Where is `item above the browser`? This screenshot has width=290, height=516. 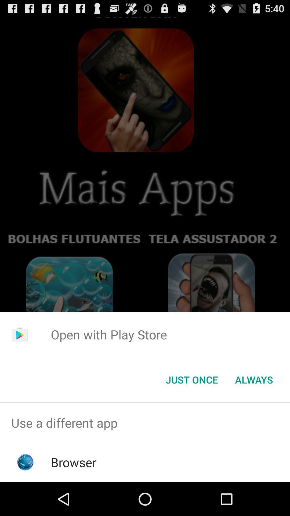
item above the browser is located at coordinates (145, 422).